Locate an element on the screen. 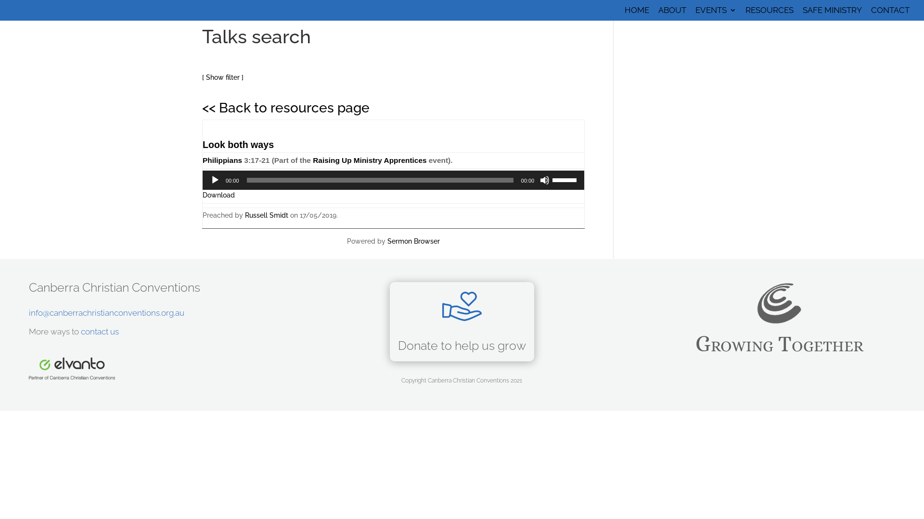 The height and width of the screenshot is (519, 924). 'CONTACT' is located at coordinates (889, 13).